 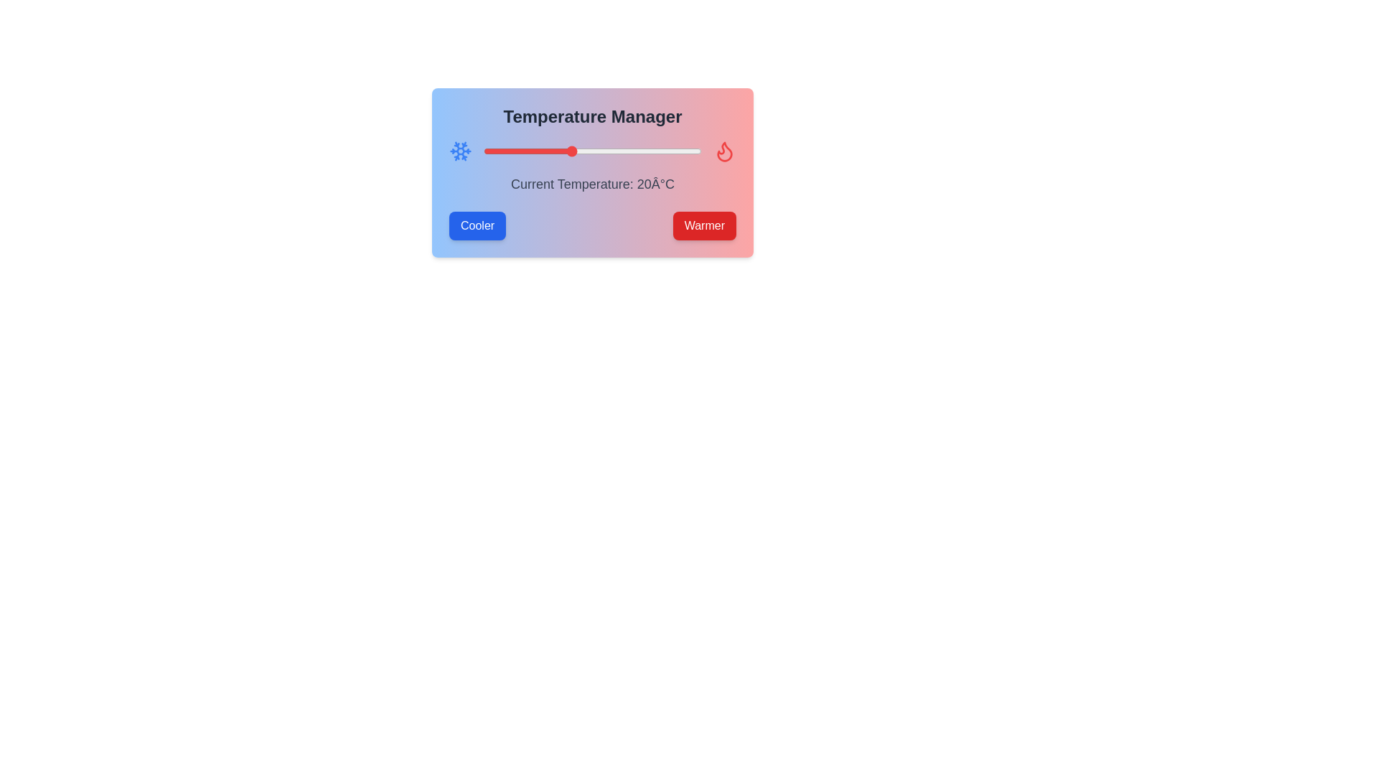 I want to click on the snowflake icon to interact with it, so click(x=461, y=151).